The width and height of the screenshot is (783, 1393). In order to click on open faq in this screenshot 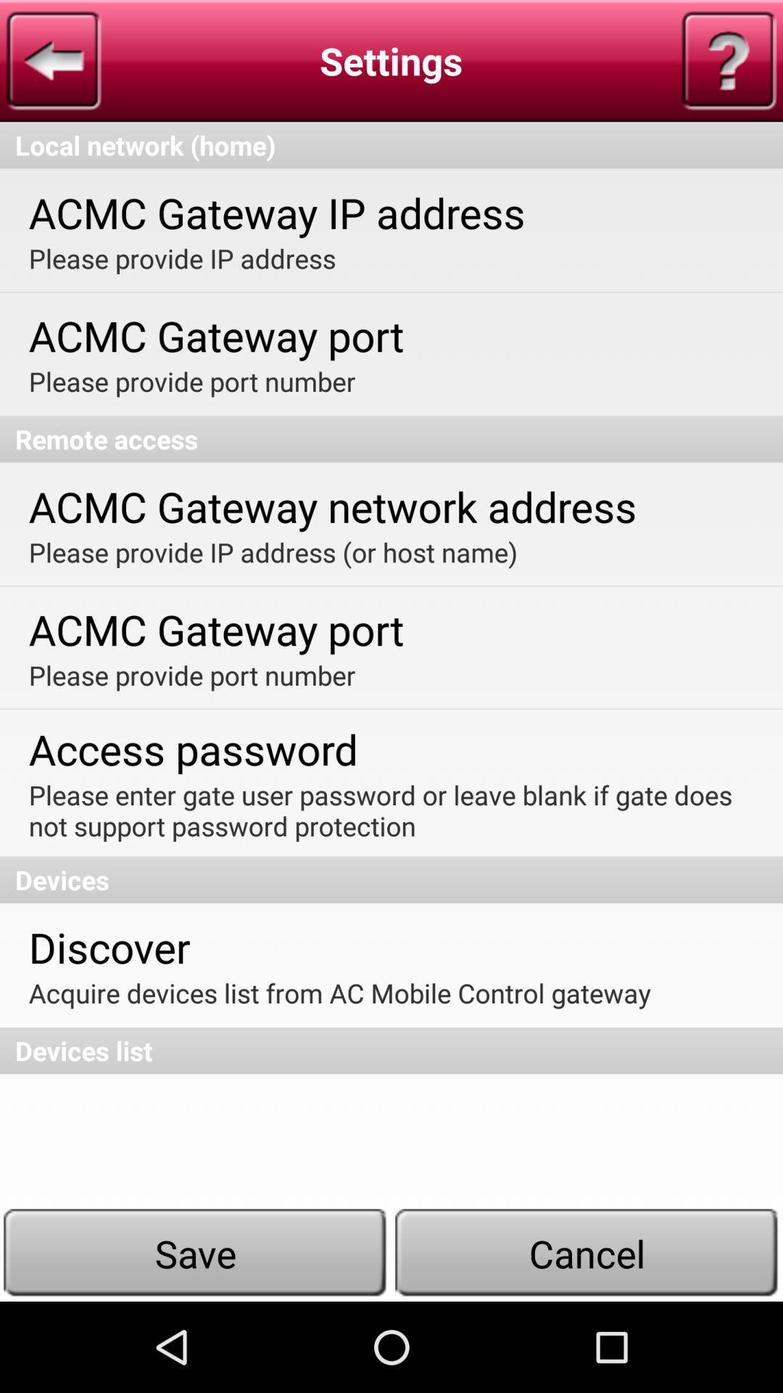, I will do `click(729, 59)`.